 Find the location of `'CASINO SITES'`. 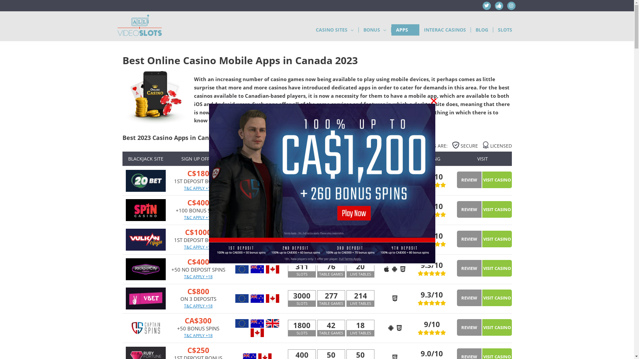

'CASINO SITES' is located at coordinates (334, 30).